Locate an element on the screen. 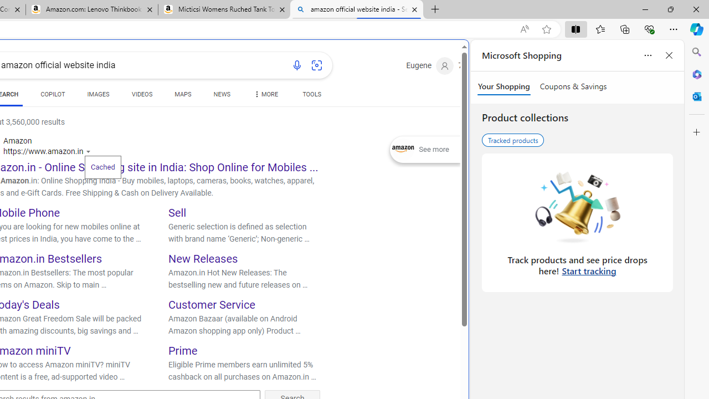 This screenshot has height=399, width=709. 'MAPS' is located at coordinates (183, 94).